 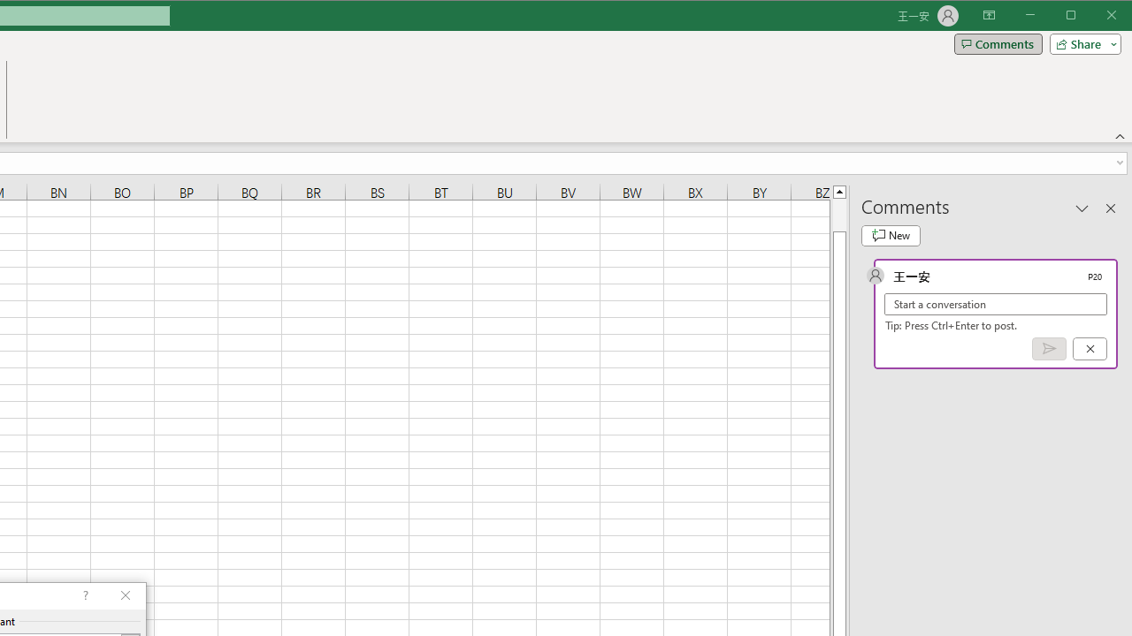 I want to click on 'Cancel', so click(x=1089, y=349).